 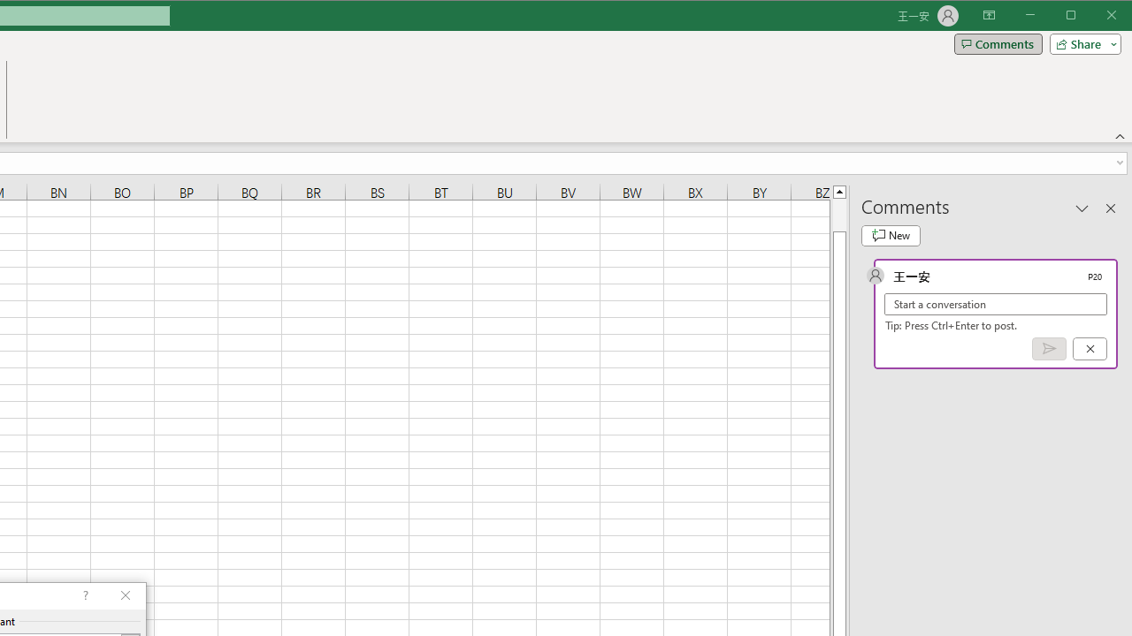 I want to click on 'Cancel', so click(x=1089, y=349).